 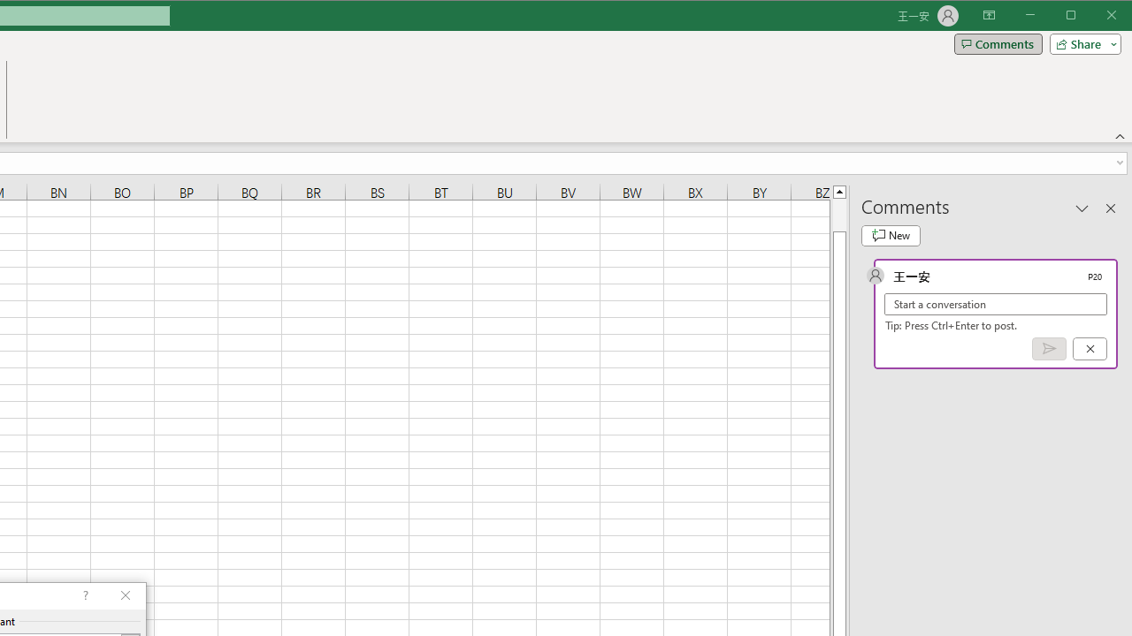 I want to click on 'Cancel', so click(x=1089, y=349).